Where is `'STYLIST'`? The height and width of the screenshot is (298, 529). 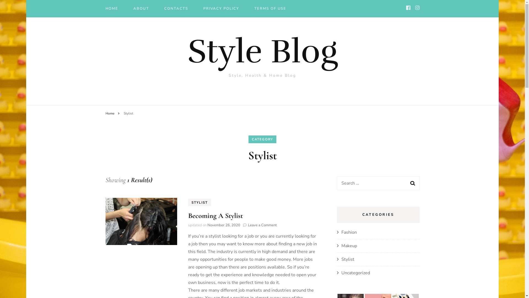
'STYLIST' is located at coordinates (199, 202).